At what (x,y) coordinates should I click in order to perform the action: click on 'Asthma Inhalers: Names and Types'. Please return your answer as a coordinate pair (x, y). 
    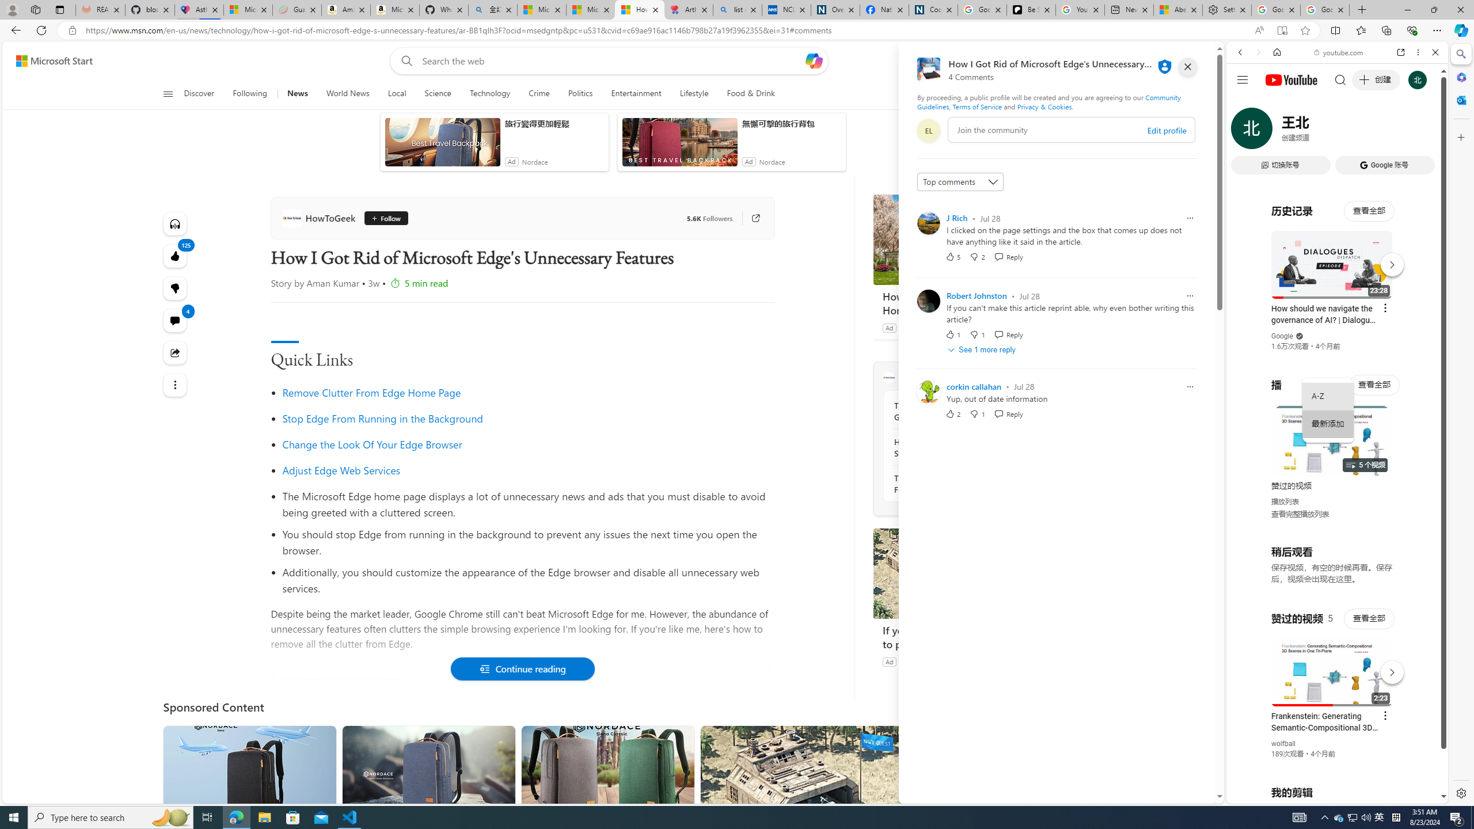
    Looking at the image, I should click on (199, 9).